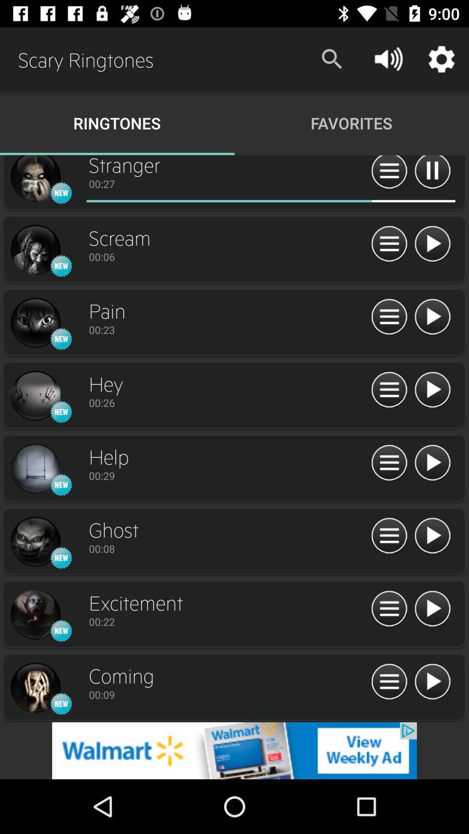  What do you see at coordinates (35, 469) in the screenshot?
I see `profile details` at bounding box center [35, 469].